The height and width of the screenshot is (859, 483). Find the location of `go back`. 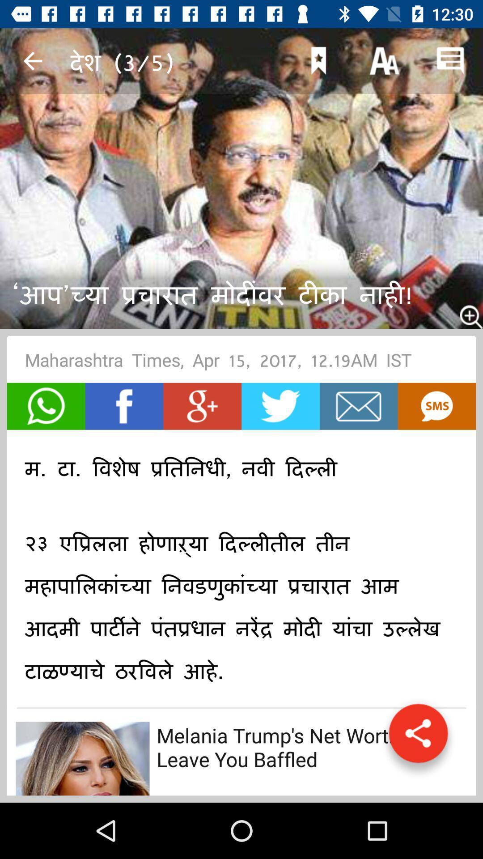

go back is located at coordinates (32, 60).